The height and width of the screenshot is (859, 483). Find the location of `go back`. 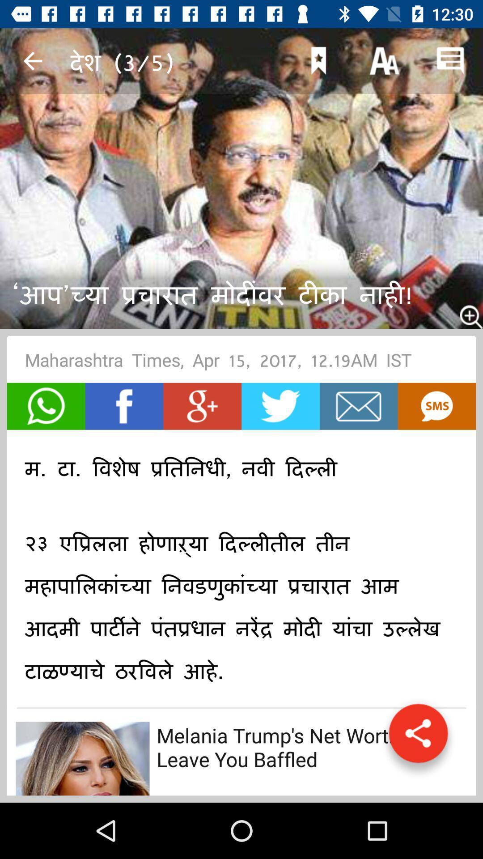

go back is located at coordinates (32, 60).